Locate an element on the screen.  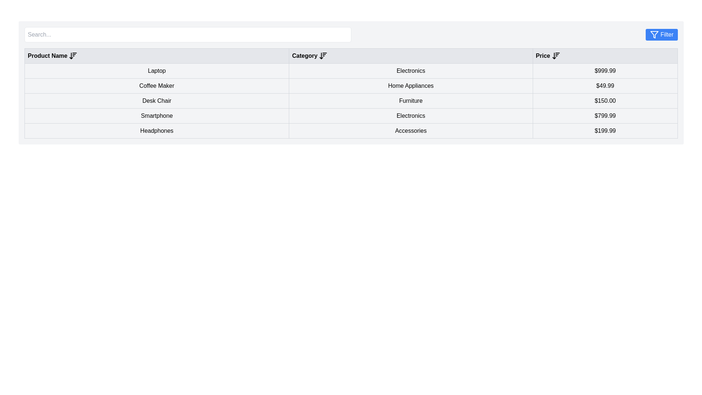
the 'Electronics' text label, which is styled with a border and is the second cell in the 'Category' column of the table, positioned between 'Laptop' and '$999.99' is located at coordinates (411, 71).